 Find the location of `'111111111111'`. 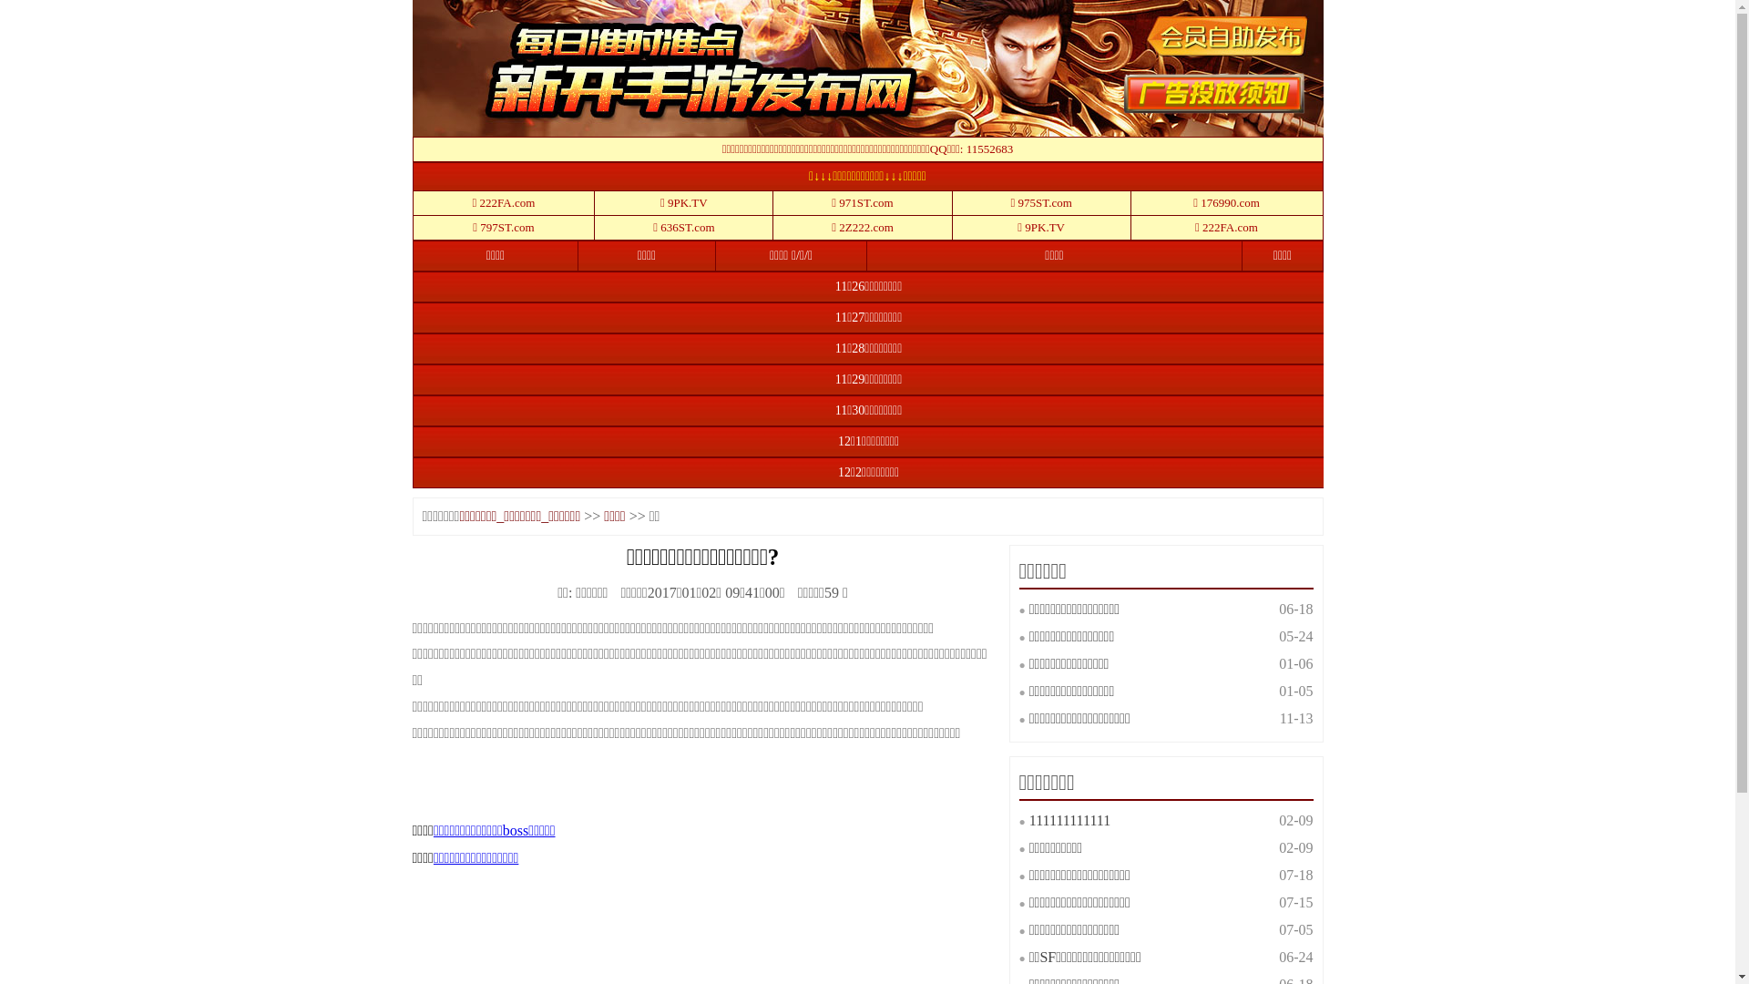

'111111111111' is located at coordinates (1028, 820).